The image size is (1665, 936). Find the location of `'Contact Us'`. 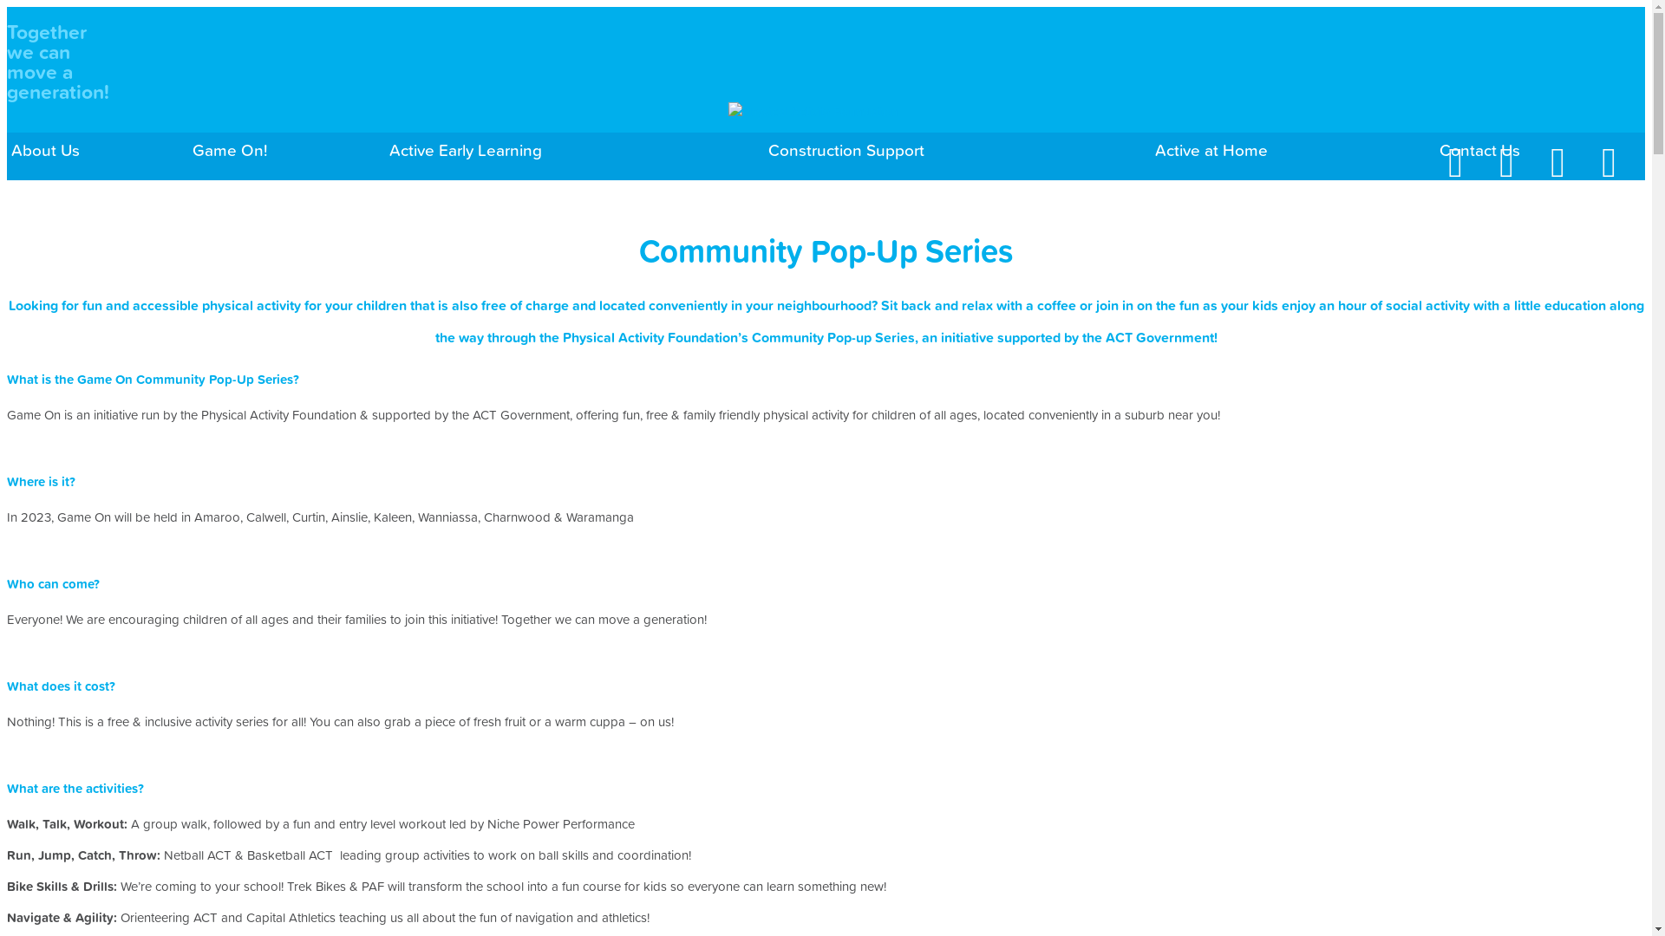

'Contact Us' is located at coordinates (1435, 149).